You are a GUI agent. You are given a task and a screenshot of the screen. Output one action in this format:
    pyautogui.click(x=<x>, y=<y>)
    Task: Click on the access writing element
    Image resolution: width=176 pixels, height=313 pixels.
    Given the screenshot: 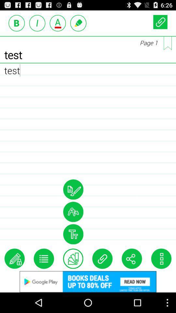 What is the action you would take?
    pyautogui.click(x=78, y=23)
    